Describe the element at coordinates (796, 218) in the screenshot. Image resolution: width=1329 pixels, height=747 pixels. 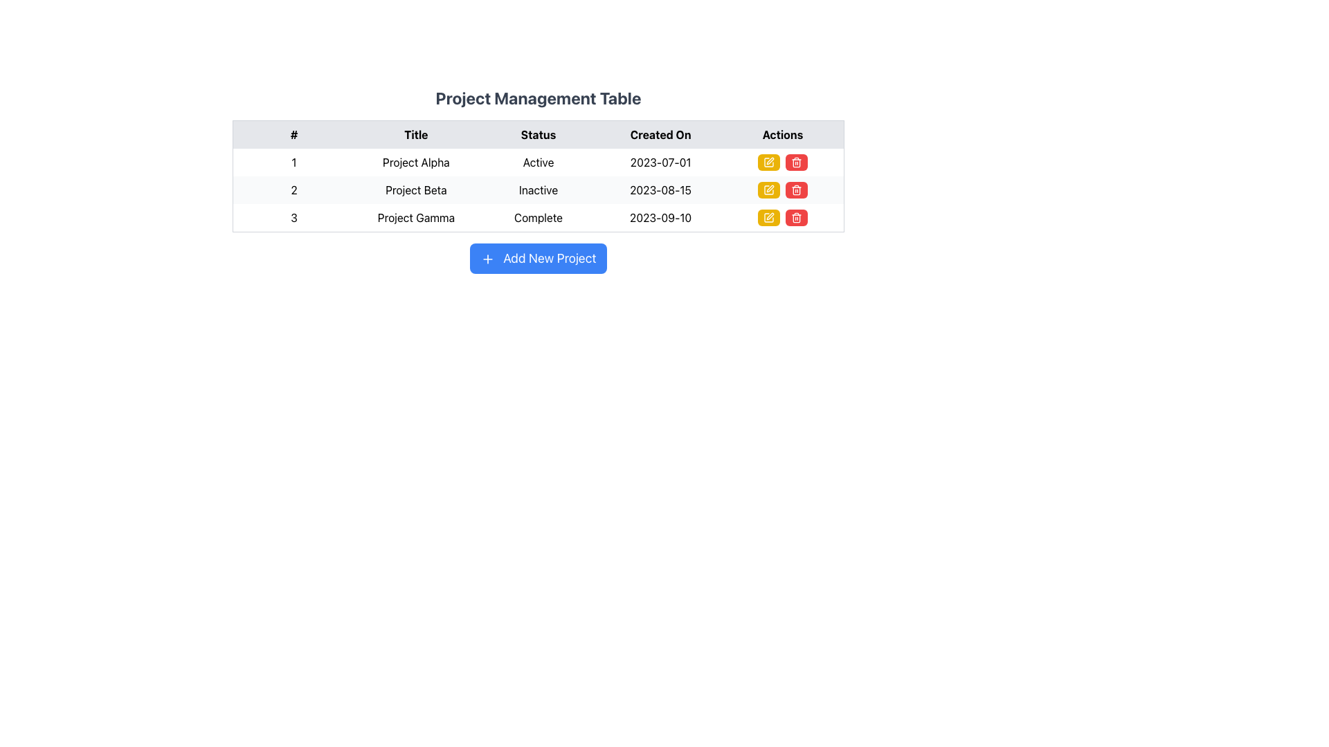
I see `the trash icon button with a red background` at that location.